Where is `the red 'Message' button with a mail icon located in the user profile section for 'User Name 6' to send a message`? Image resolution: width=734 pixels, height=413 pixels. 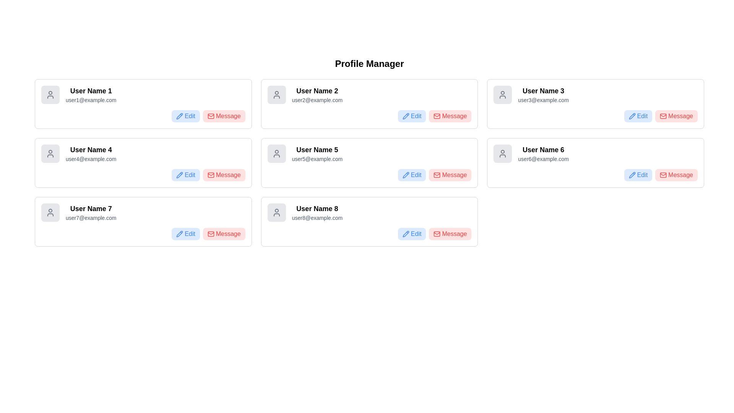
the red 'Message' button with a mail icon located in the user profile section for 'User Name 6' to send a message is located at coordinates (676, 175).